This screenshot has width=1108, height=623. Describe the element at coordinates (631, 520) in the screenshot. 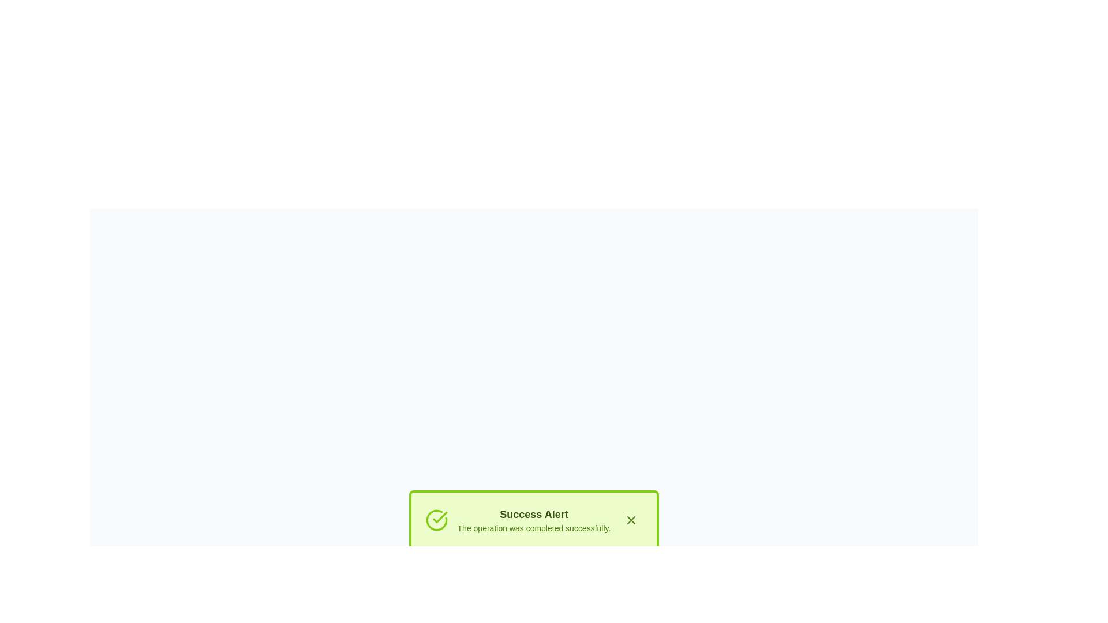

I see `the close icon located in the top-right corner of the success alert box` at that location.